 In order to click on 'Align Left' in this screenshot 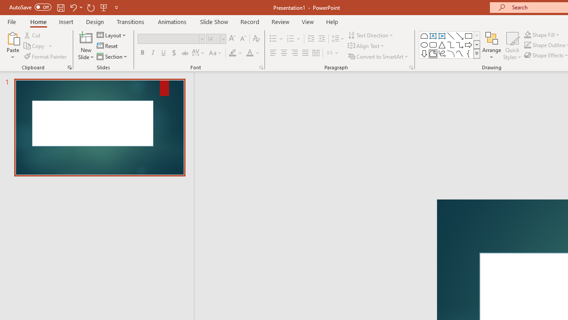, I will do `click(273, 53)`.